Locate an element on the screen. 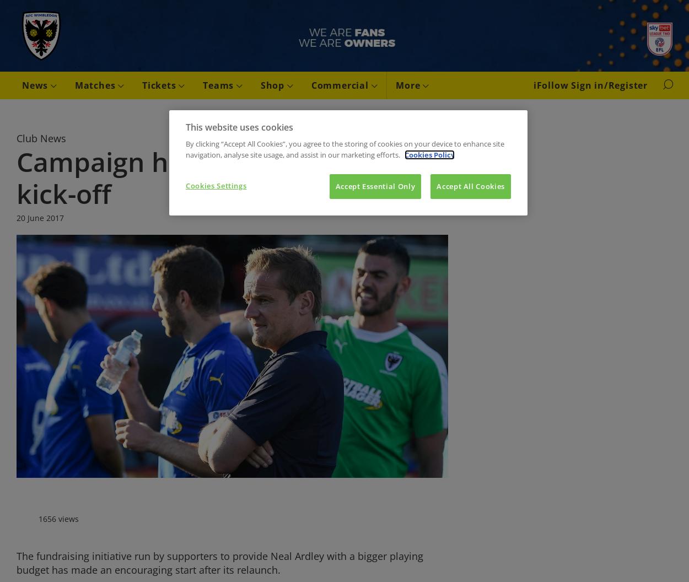  'Shop' is located at coordinates (273, 85).